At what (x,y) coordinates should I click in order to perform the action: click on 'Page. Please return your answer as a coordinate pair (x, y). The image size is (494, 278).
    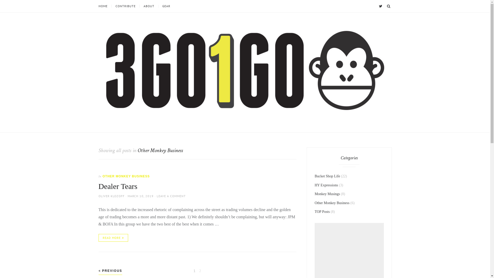
    Looking at the image, I should click on (194, 271).